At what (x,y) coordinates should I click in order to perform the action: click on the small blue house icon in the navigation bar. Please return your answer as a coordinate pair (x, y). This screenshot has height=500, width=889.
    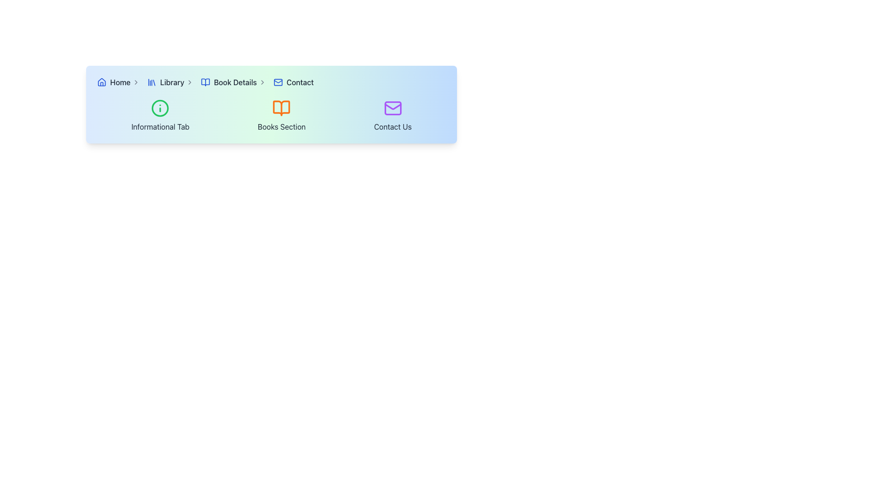
    Looking at the image, I should click on (102, 81).